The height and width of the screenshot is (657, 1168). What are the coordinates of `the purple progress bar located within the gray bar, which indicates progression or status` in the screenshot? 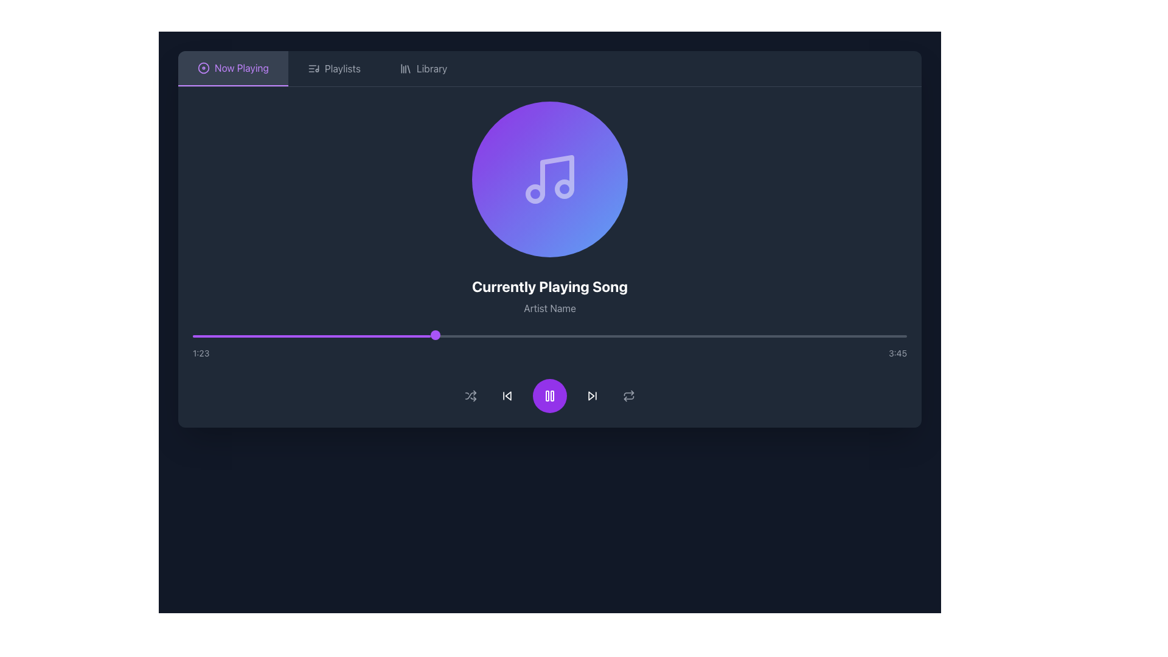 It's located at (311, 336).